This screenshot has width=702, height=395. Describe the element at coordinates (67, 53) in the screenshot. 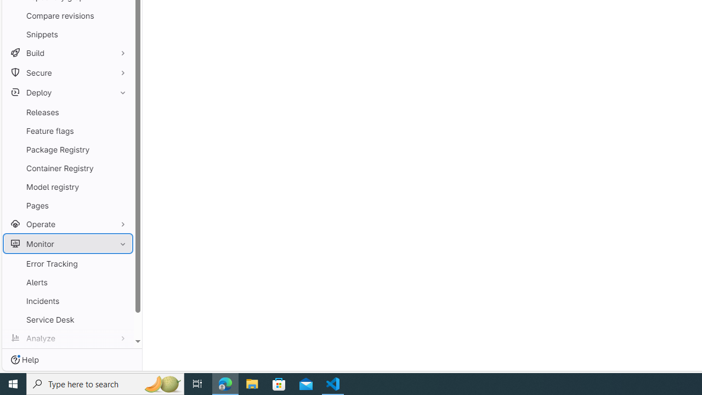

I see `'Build'` at that location.